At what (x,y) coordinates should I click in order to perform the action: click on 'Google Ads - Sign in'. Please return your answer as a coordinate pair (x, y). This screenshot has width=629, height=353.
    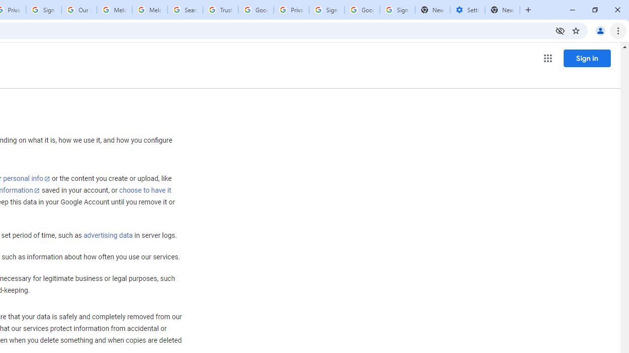
    Looking at the image, I should click on (256, 10).